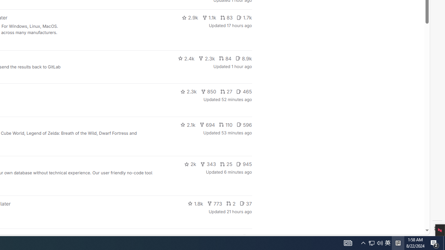 Image resolution: width=445 pixels, height=250 pixels. What do you see at coordinates (199, 236) in the screenshot?
I see `'1.4k'` at bounding box center [199, 236].